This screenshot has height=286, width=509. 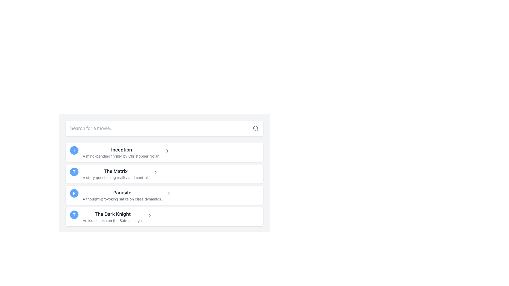 I want to click on the Icon Badge located at the top left of the card related to the movie 'Inception', which categorizes the card content, so click(x=74, y=150).